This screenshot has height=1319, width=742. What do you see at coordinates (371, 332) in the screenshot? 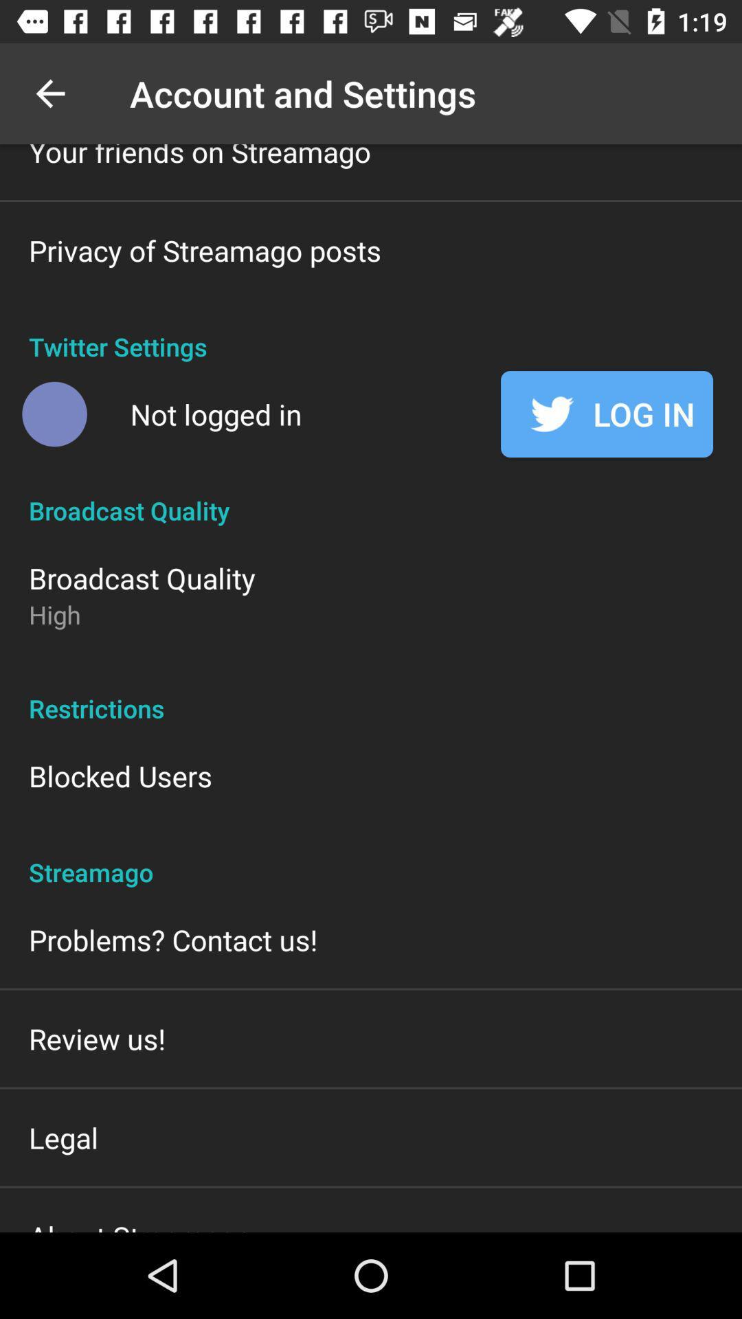
I see `twitter settings` at bounding box center [371, 332].